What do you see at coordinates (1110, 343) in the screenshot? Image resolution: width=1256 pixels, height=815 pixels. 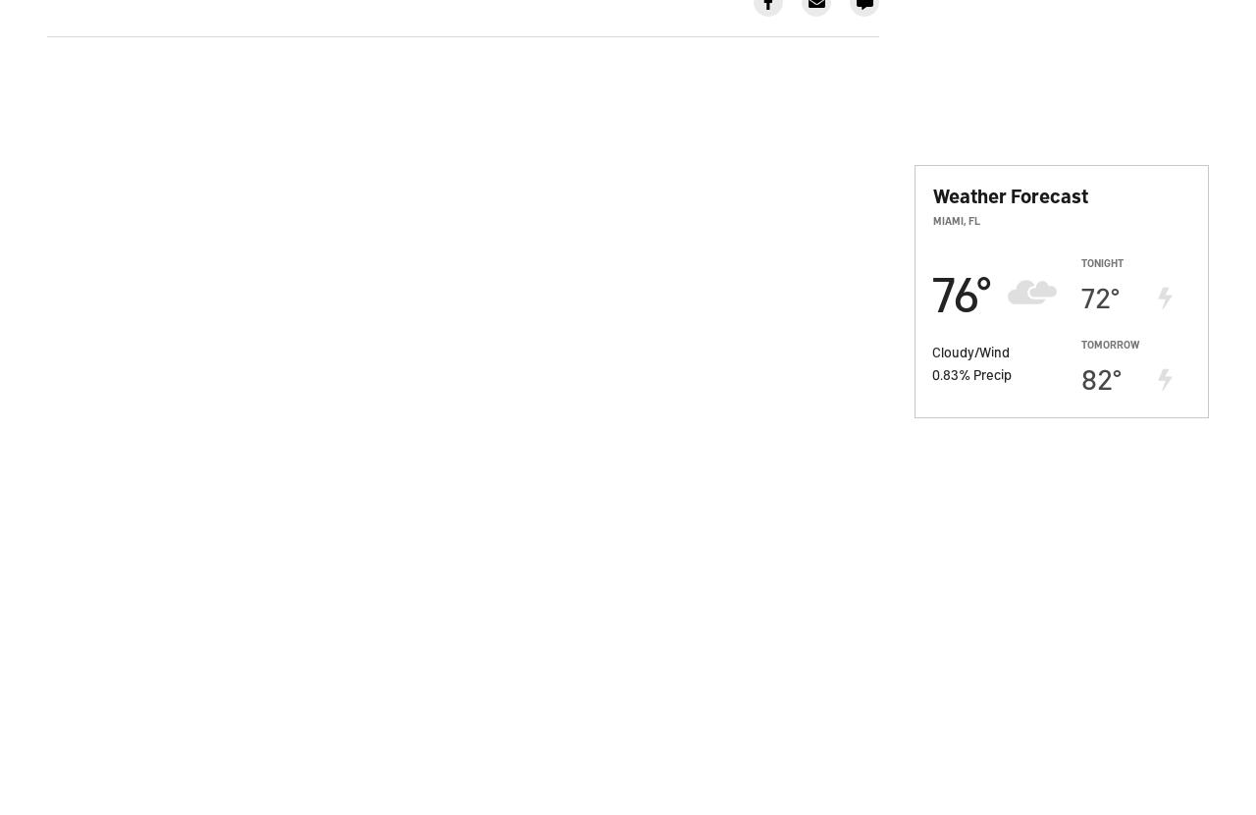 I see `'Tomorrow'` at bounding box center [1110, 343].